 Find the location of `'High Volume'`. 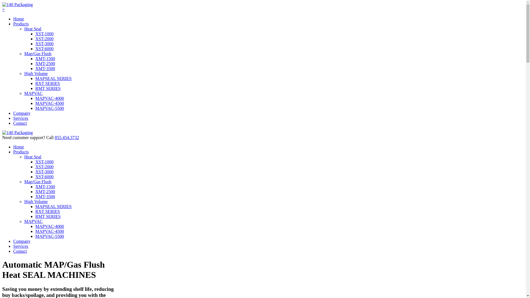

'High Volume' is located at coordinates (36, 201).